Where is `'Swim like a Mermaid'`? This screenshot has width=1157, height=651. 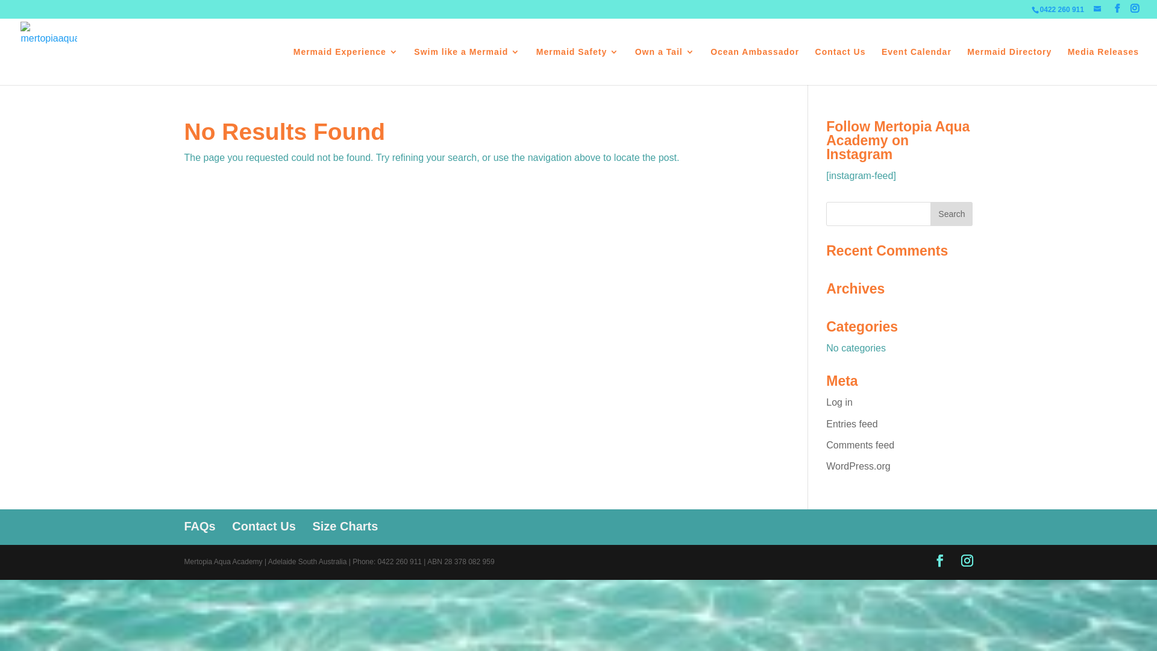 'Swim like a Mermaid' is located at coordinates (466, 66).